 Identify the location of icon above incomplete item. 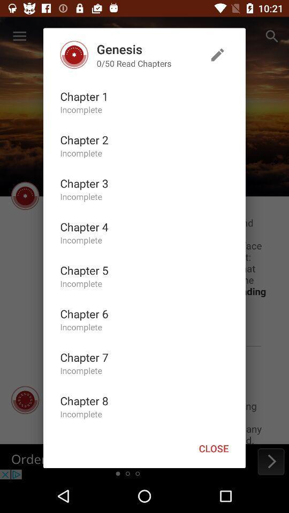
(83, 227).